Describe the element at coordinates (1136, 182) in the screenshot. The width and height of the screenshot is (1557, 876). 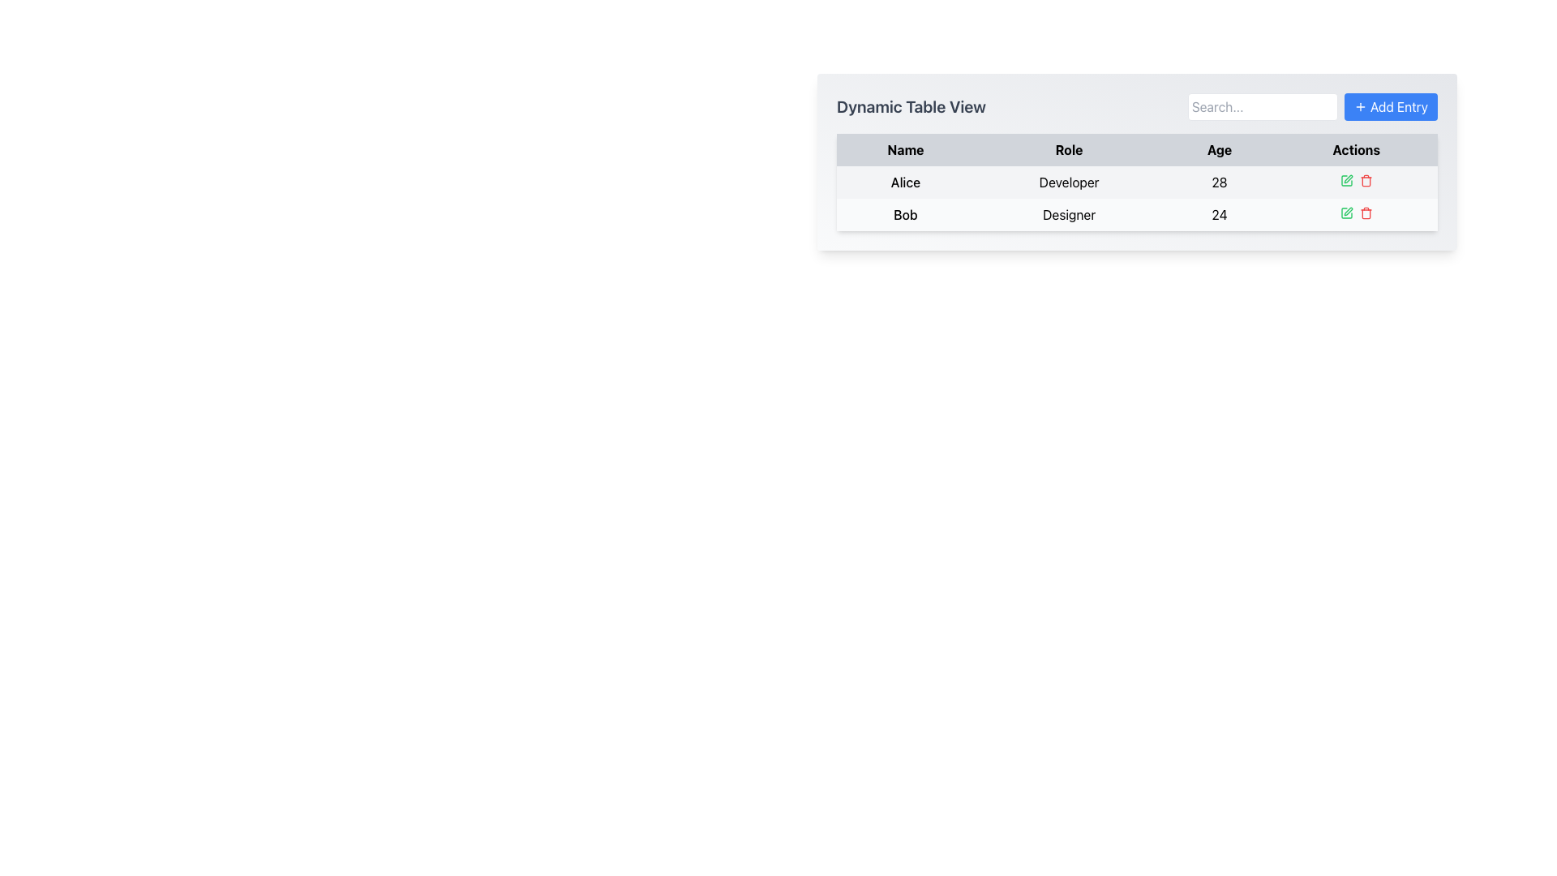
I see `the first row of the table displaying user details, which includes the name 'Alice', role 'Developer', and age '28'` at that location.